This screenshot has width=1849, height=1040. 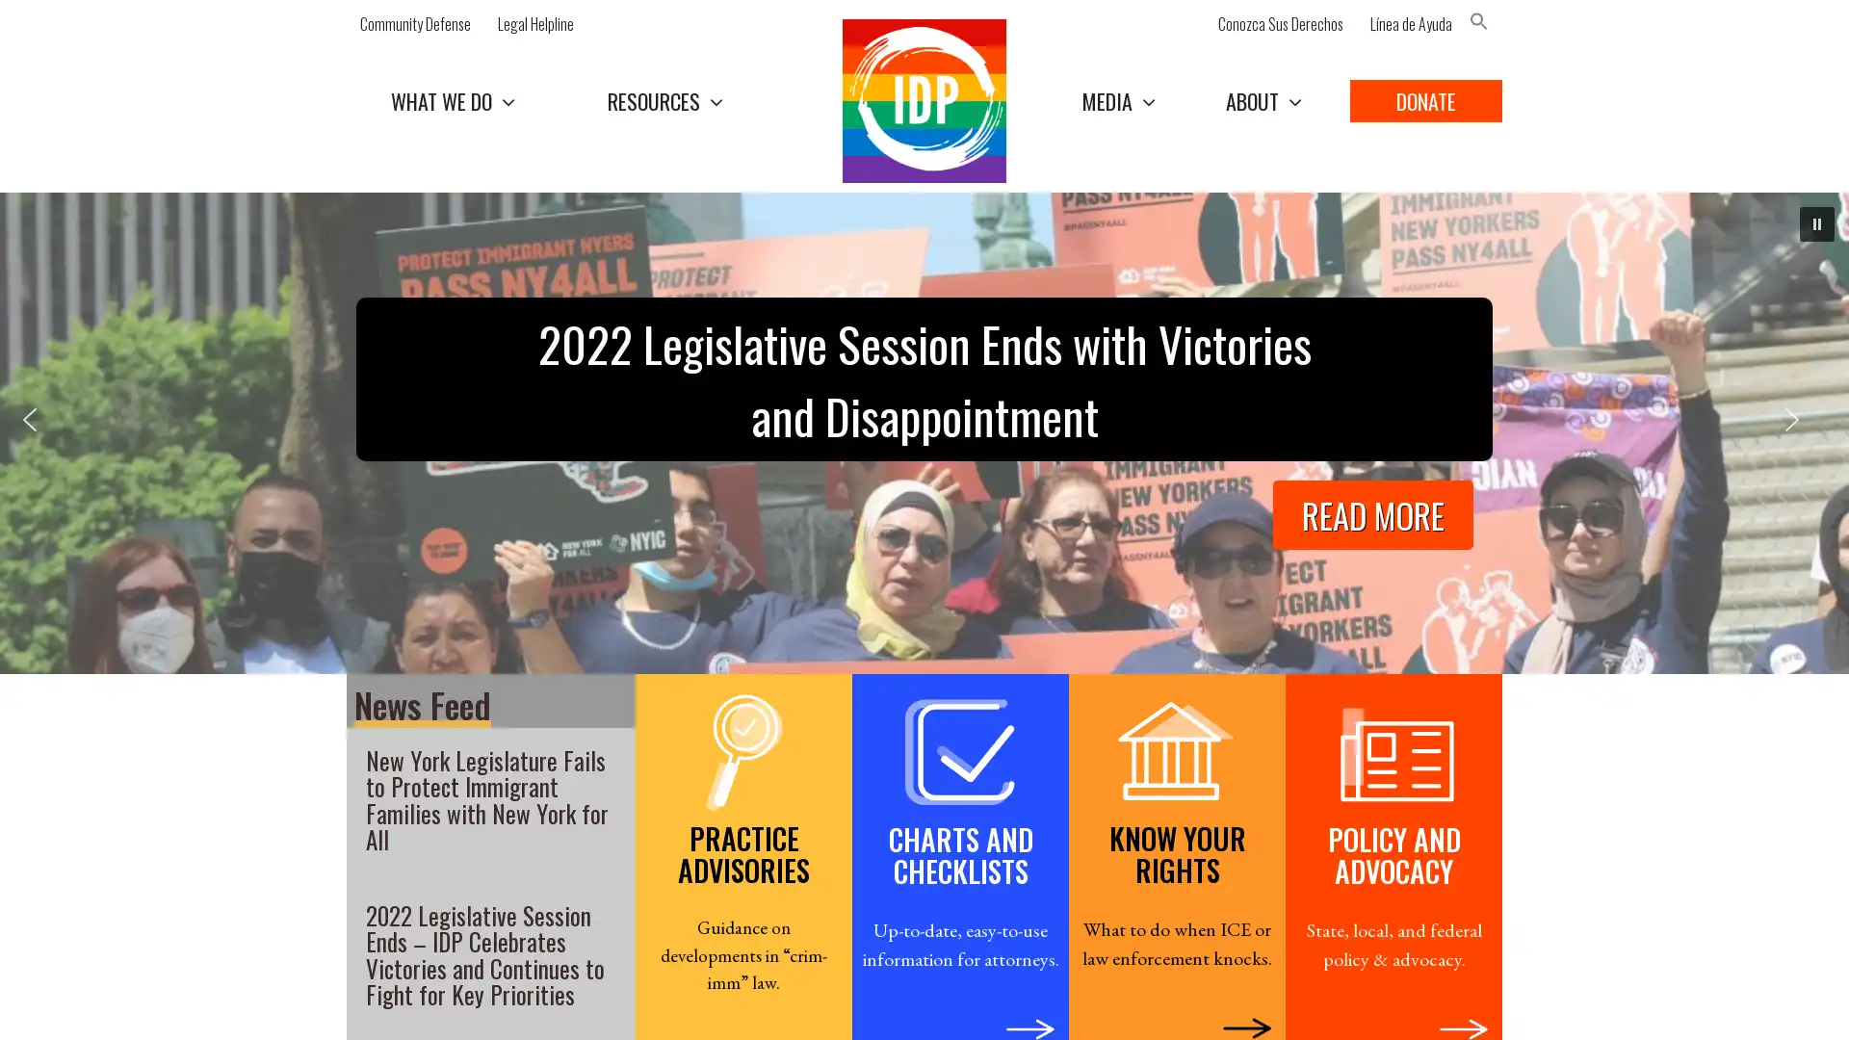 What do you see at coordinates (42, 433) in the screenshot?
I see `previous arrow` at bounding box center [42, 433].